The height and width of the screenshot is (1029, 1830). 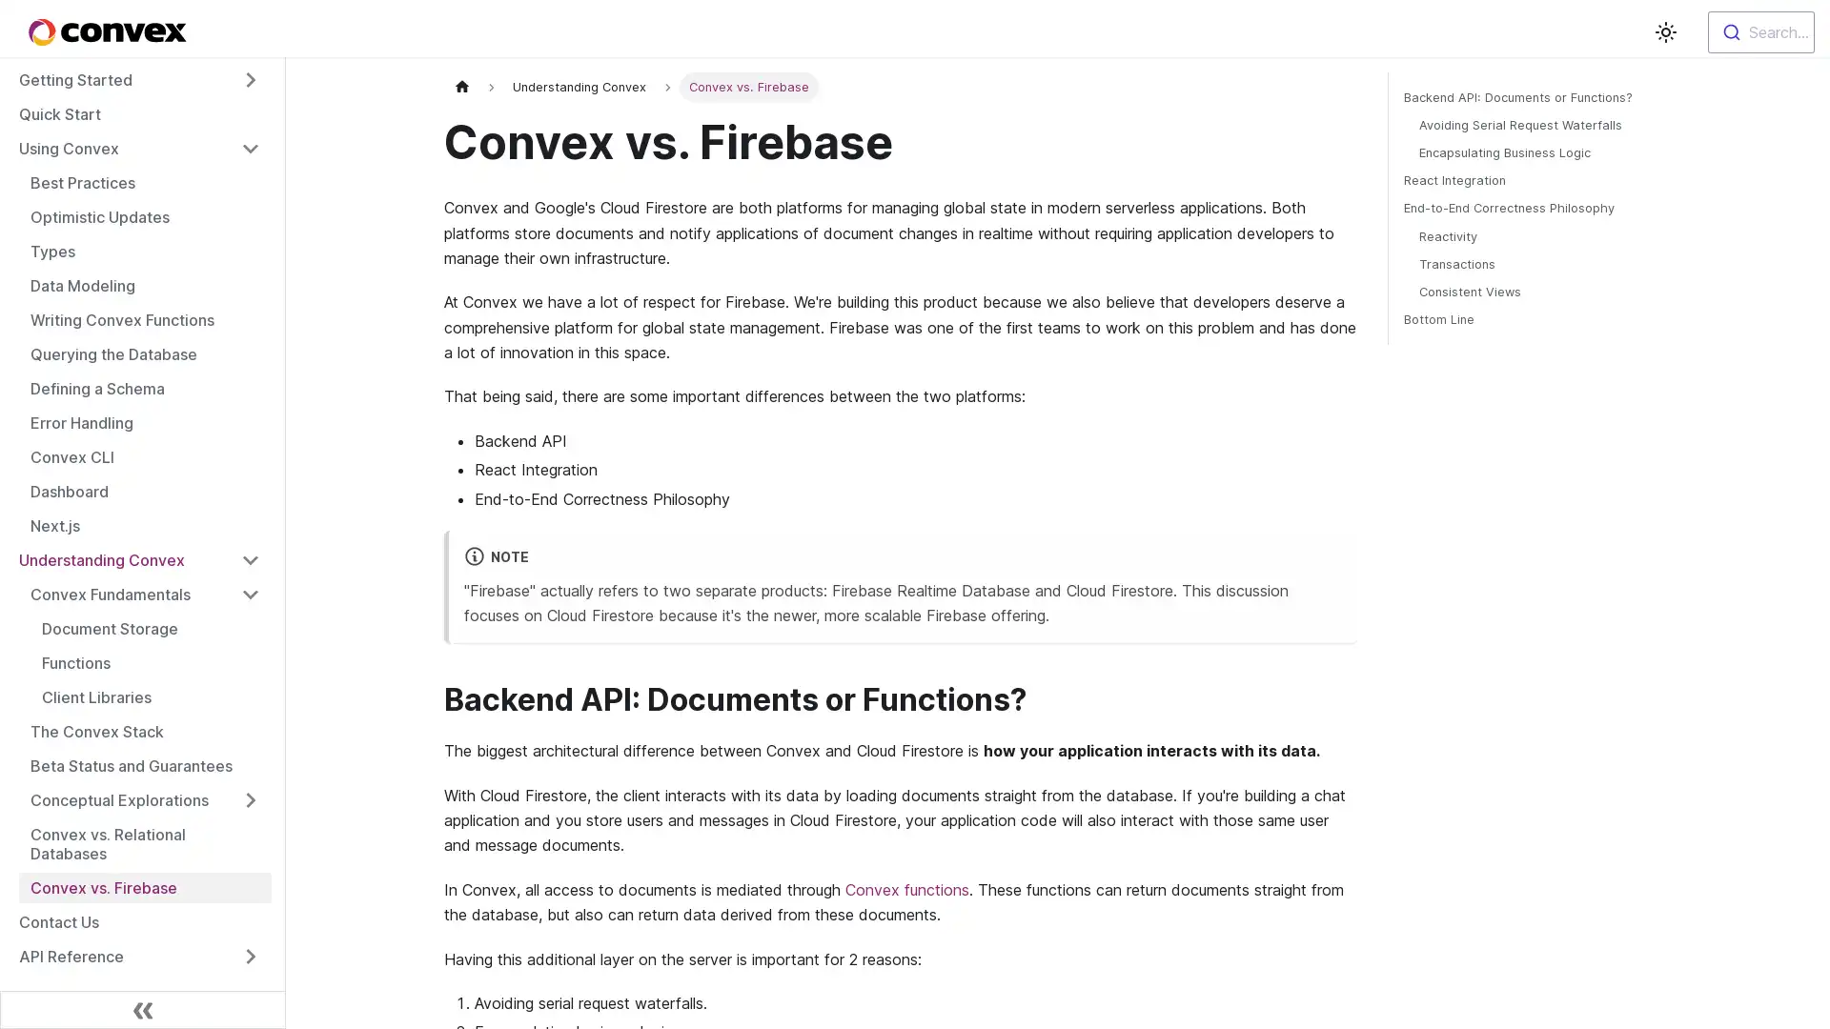 What do you see at coordinates (250, 800) in the screenshot?
I see `Toggle the collapsible sidebar category 'Conceptual Explorations'` at bounding box center [250, 800].